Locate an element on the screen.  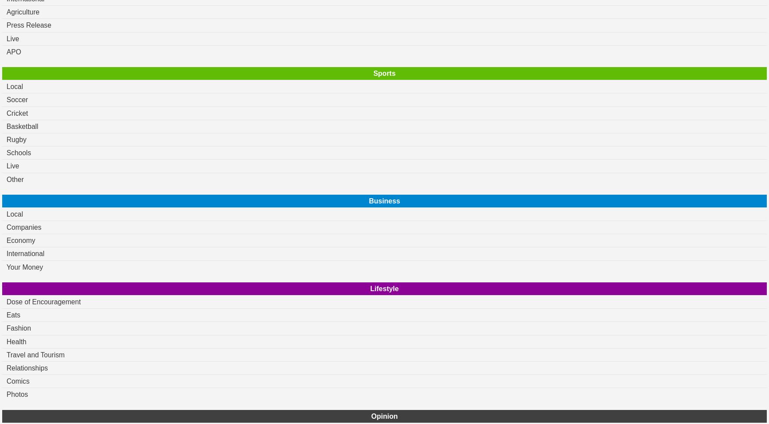
'Comics' is located at coordinates (18, 381).